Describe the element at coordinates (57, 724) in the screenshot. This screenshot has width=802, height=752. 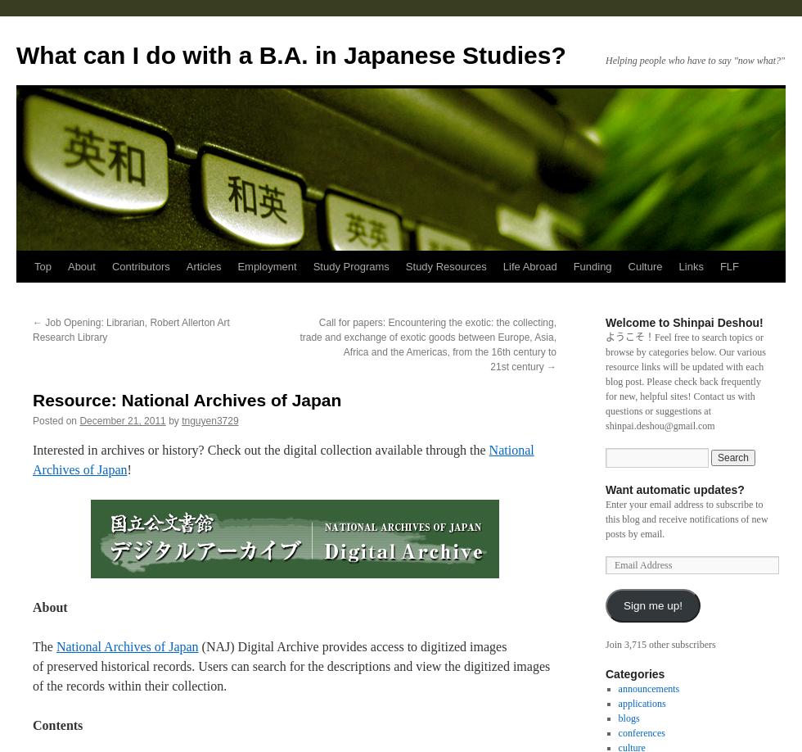
I see `'Contents'` at that location.